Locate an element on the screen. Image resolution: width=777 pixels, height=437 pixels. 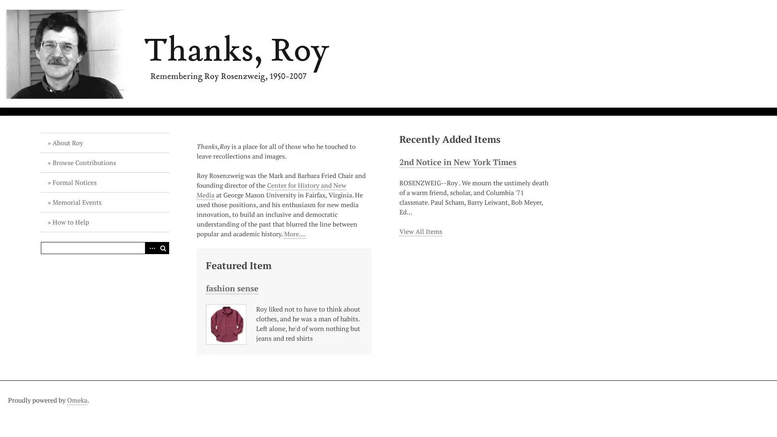
Search is located at coordinates (163, 248).